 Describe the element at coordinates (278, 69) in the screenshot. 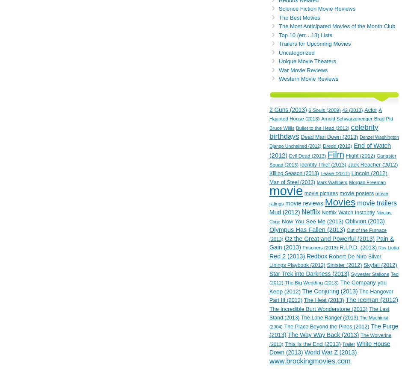

I see `'War Movie Reviews'` at that location.